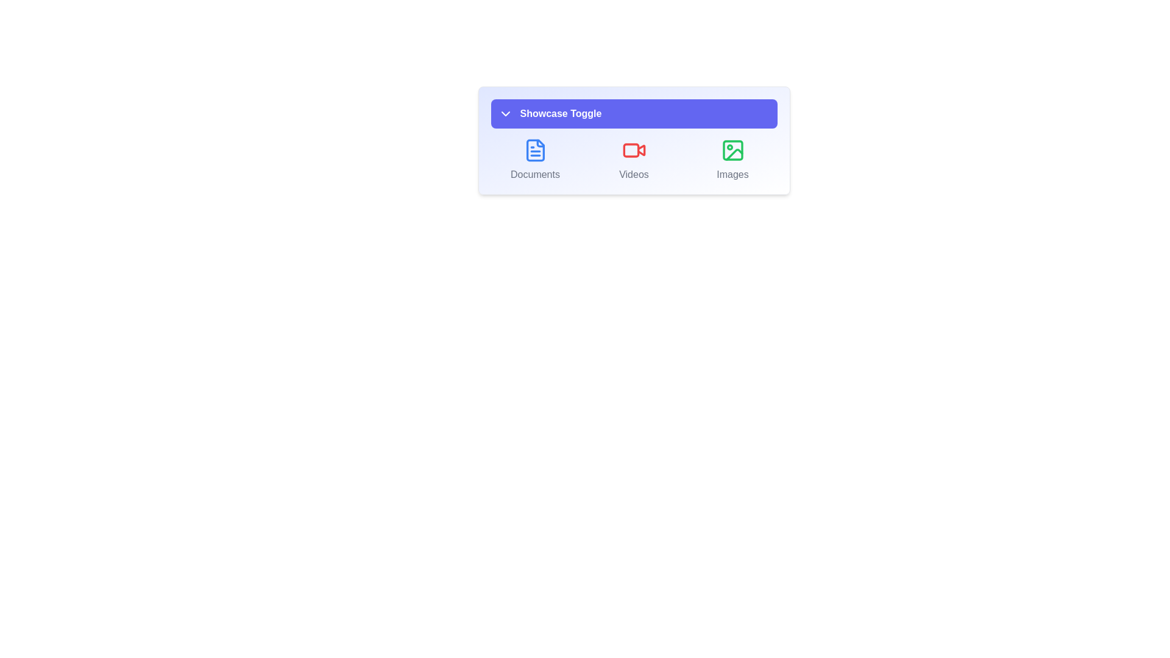 This screenshot has width=1170, height=658. I want to click on the blue file icon labeled 'Documents', so click(535, 149).